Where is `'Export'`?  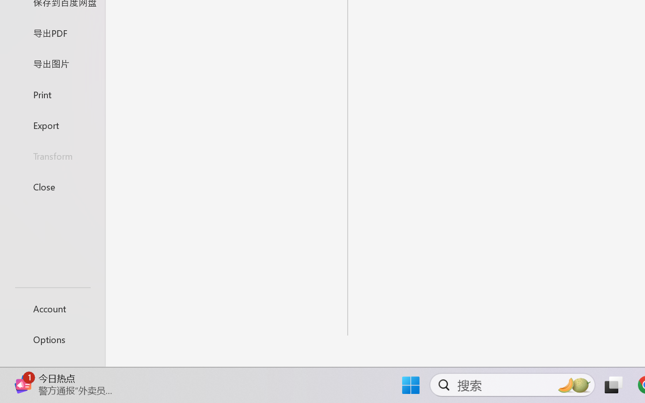
'Export' is located at coordinates (52, 124).